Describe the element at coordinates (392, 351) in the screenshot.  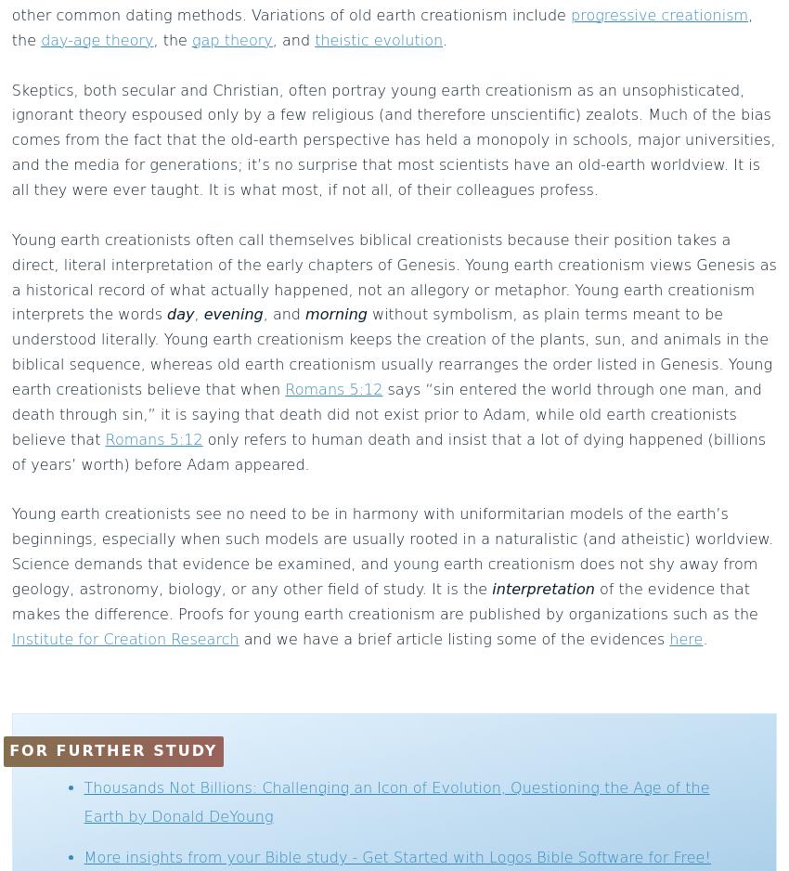
I see `'without symbolism, as plain terms meant to be understood literally. Young earth creationism keeps the creation of the plants, sun, and animals in the biblical sequence, whereas old earth creationism usually rearranges the order listed in Genesis. Young earth creationists believe that when'` at that location.